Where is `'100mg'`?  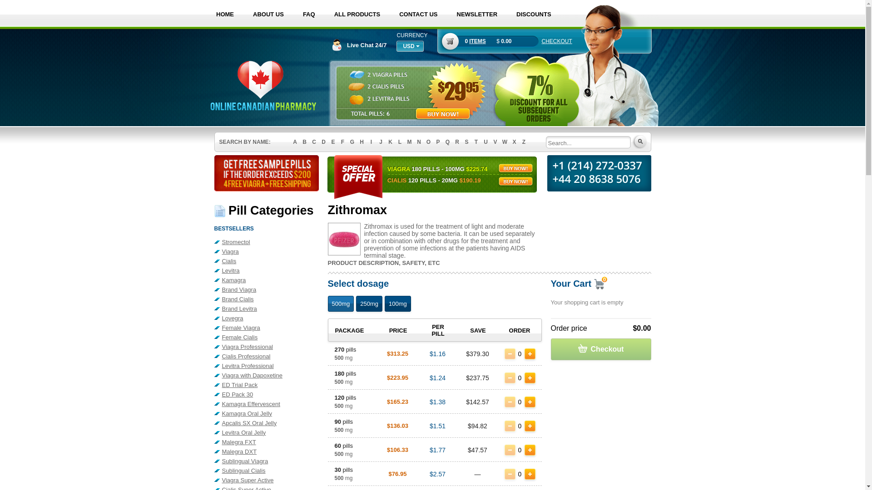
'100mg' is located at coordinates (384, 304).